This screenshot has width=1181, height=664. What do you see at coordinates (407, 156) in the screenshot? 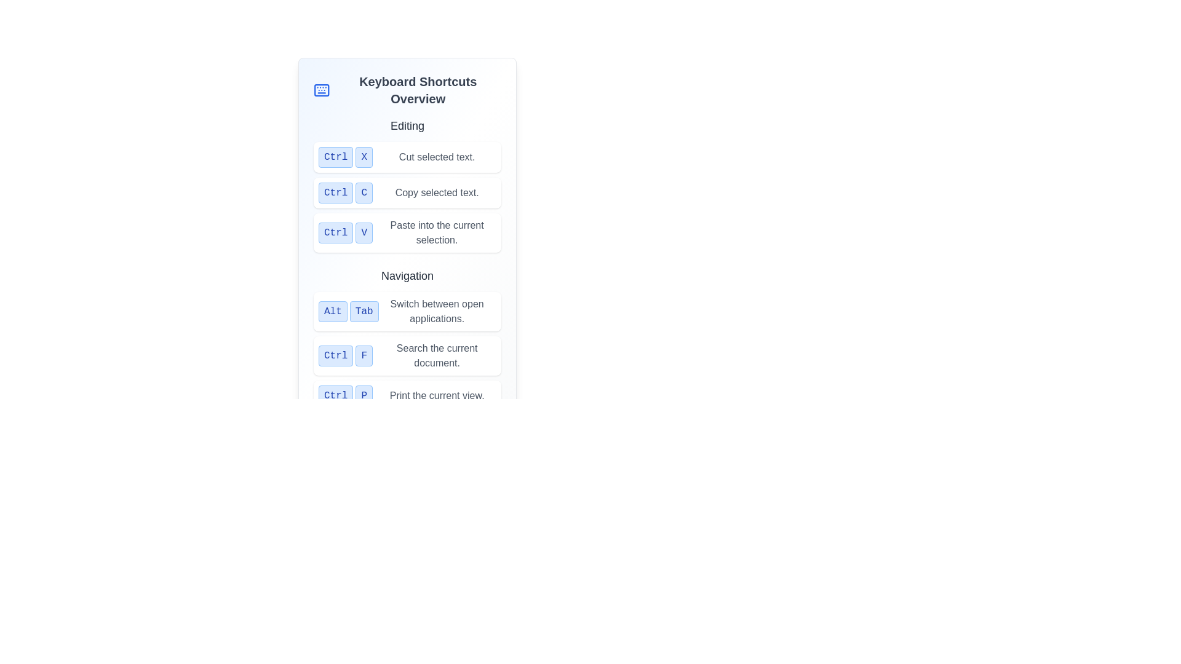
I see `the 'Cut' keyboard shortcut label that instructs users to press 'Ctrl' and 'X' to cut selected text, located in the 'Editing' section of the Keyboard Shortcuts Overview` at bounding box center [407, 156].